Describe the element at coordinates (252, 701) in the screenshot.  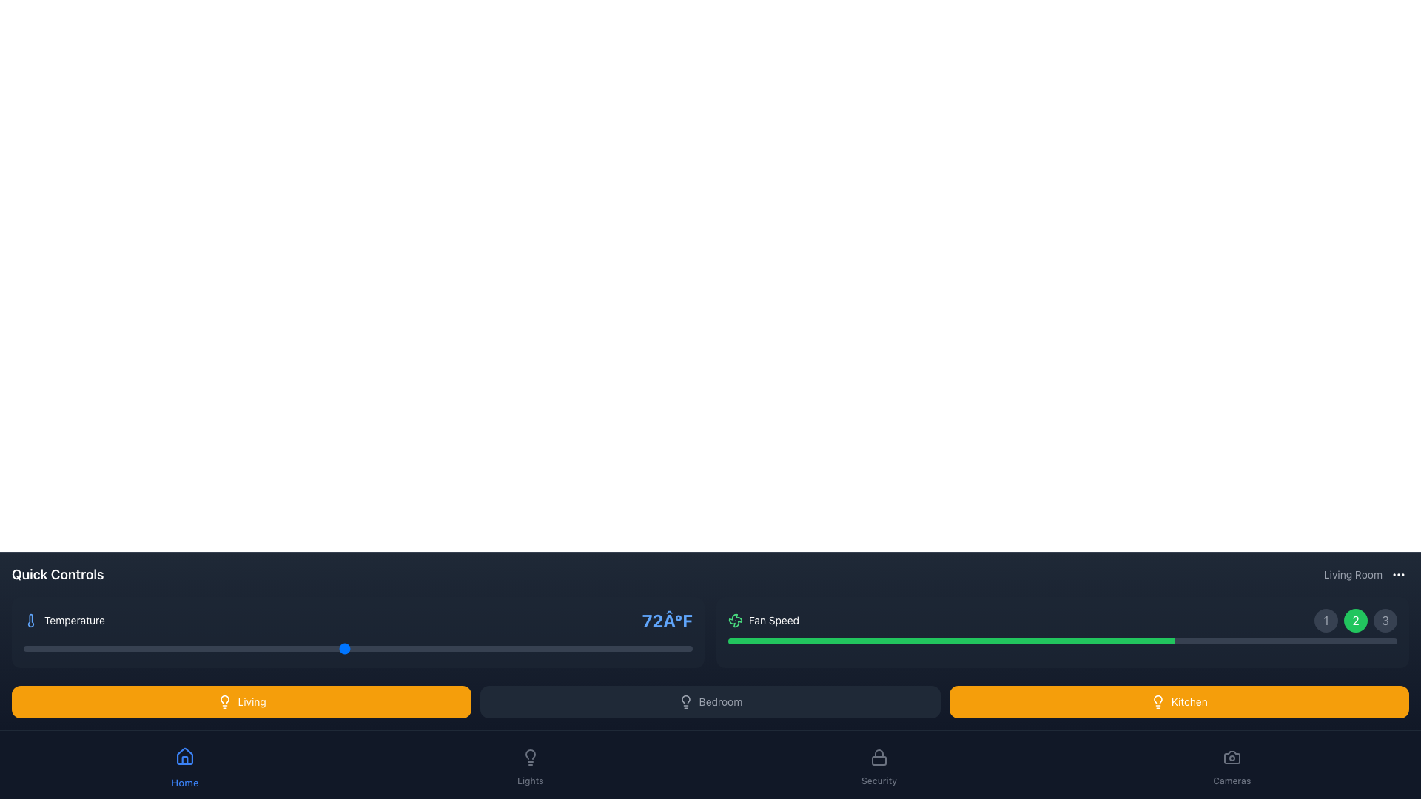
I see `the orange button labeled 'Living' which is styled in a small capitalized font and contains a light bulb icon to its left` at that location.